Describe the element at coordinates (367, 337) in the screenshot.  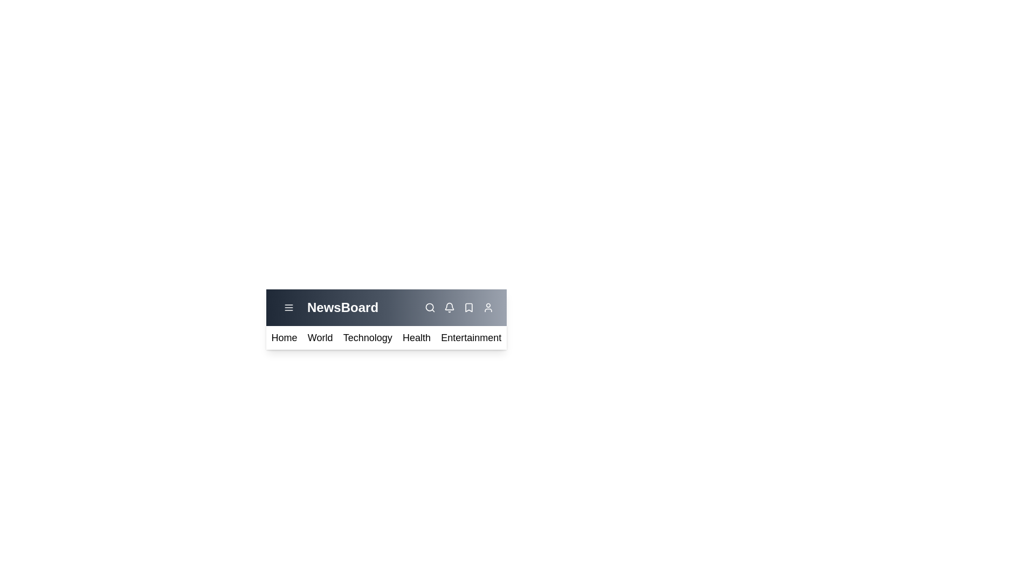
I see `the category Technology from the menu` at that location.